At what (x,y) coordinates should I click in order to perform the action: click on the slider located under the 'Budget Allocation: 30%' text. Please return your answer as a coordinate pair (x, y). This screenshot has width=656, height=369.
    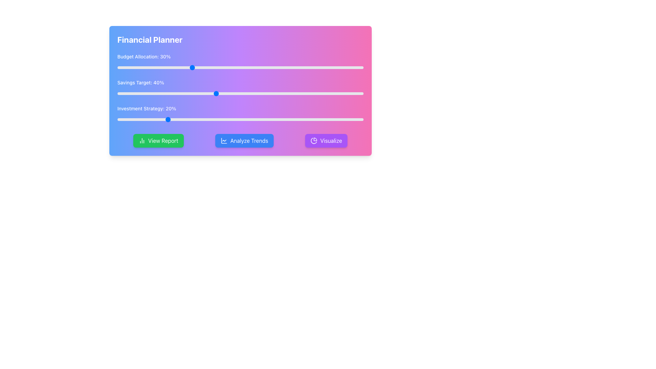
    Looking at the image, I should click on (240, 67).